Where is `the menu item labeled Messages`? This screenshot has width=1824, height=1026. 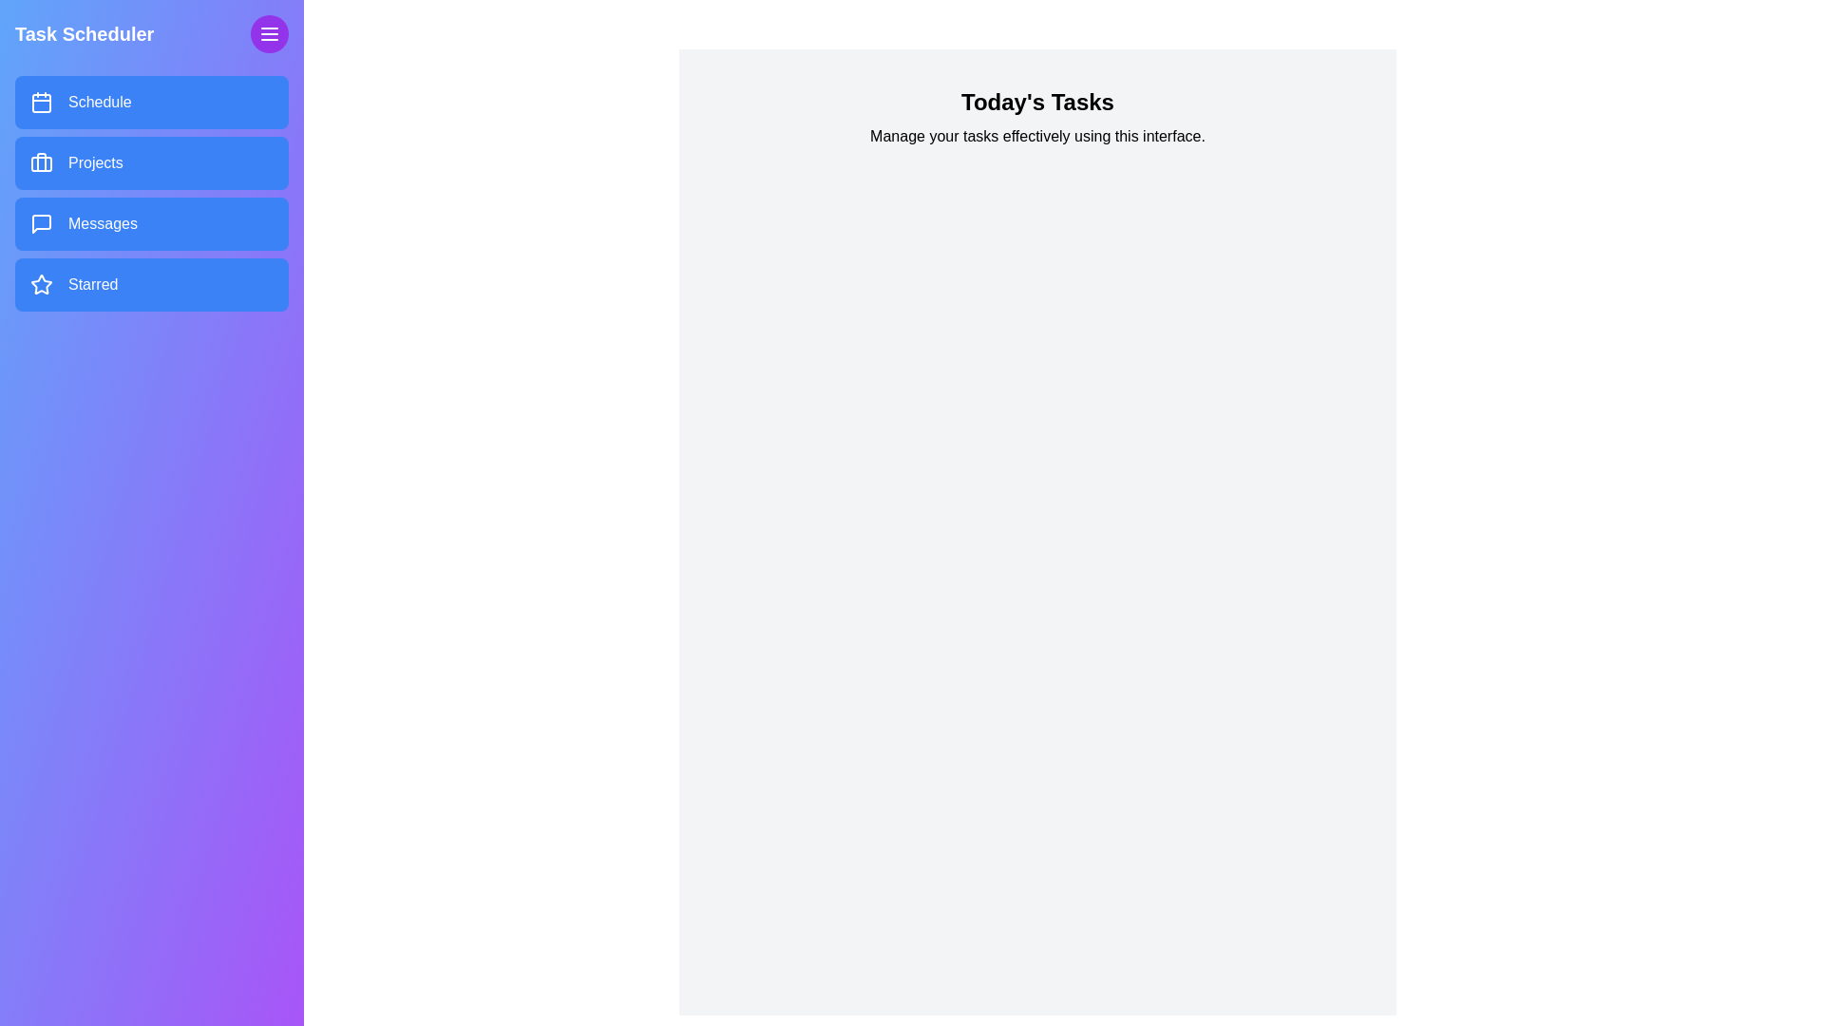 the menu item labeled Messages is located at coordinates (150, 222).